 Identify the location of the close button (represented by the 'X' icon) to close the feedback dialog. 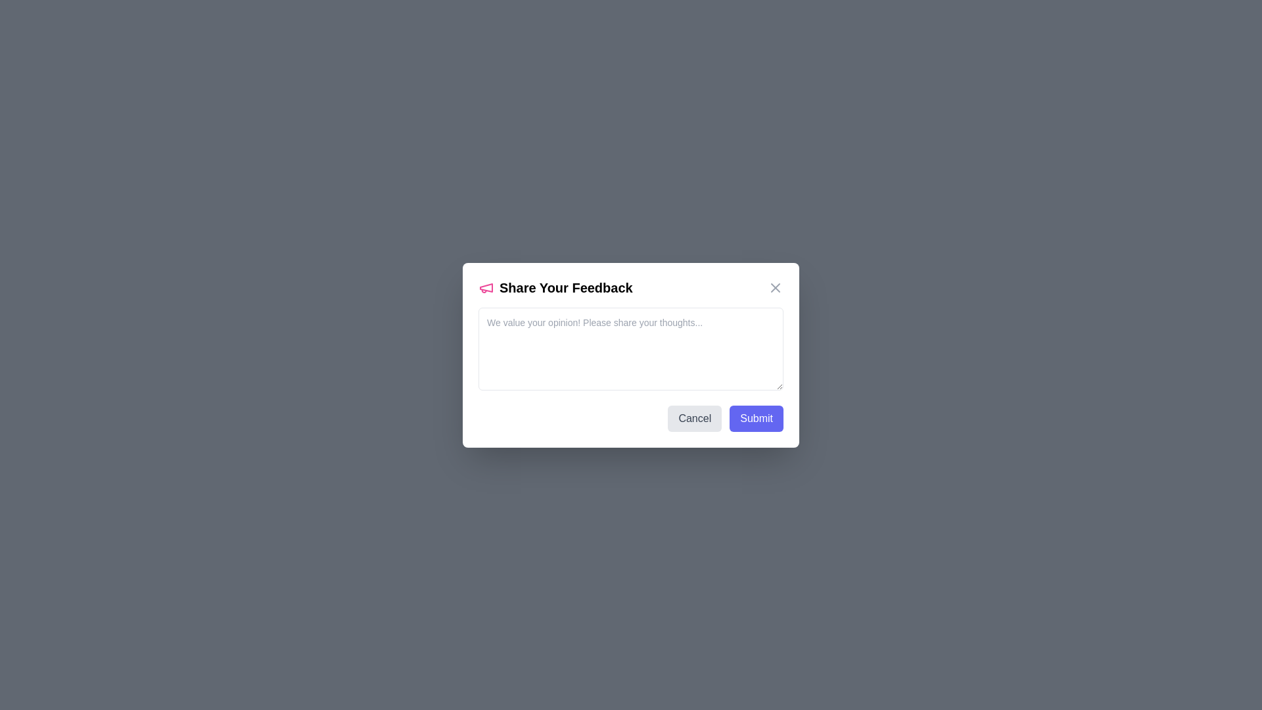
(776, 287).